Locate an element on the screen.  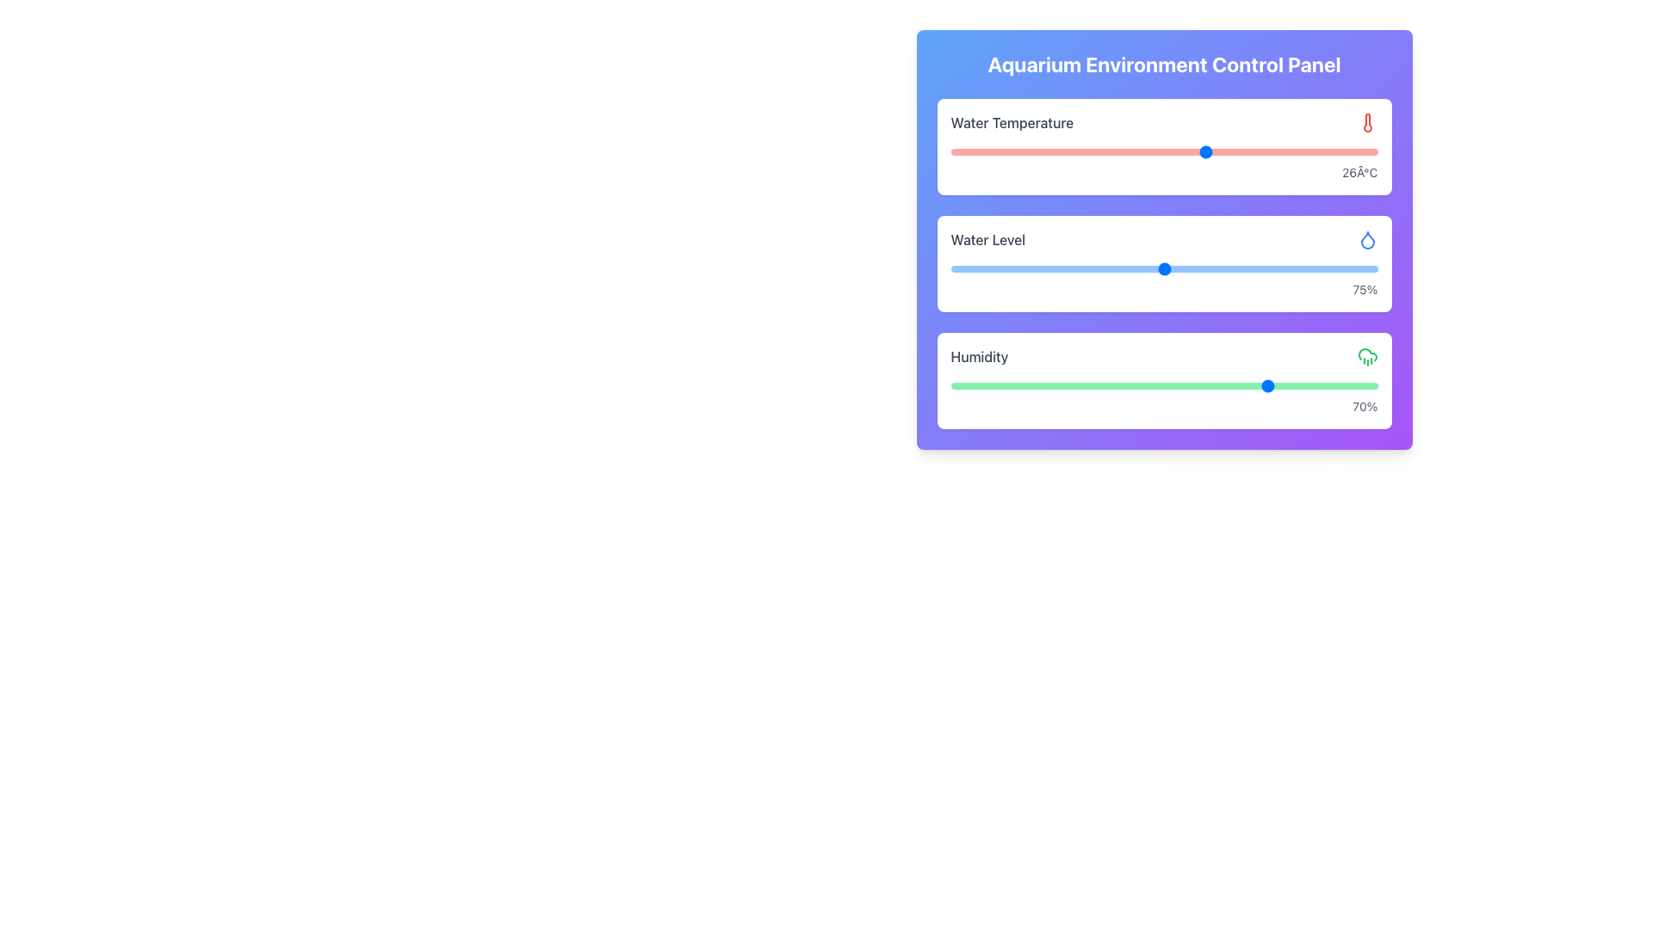
the water droplet icon with a blue outline, located to the right of the 'Water Level' bar and adjacent to the numerical percentage value is located at coordinates (1366, 239).